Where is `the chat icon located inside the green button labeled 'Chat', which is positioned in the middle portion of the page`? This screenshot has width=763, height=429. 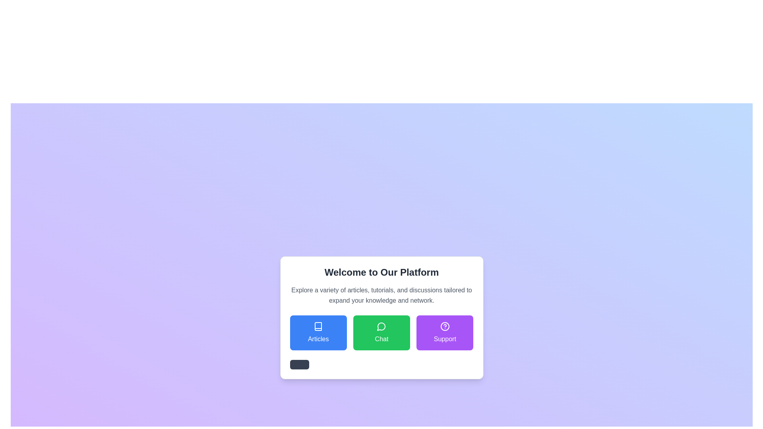
the chat icon located inside the green button labeled 'Chat', which is positioned in the middle portion of the page is located at coordinates (381, 326).